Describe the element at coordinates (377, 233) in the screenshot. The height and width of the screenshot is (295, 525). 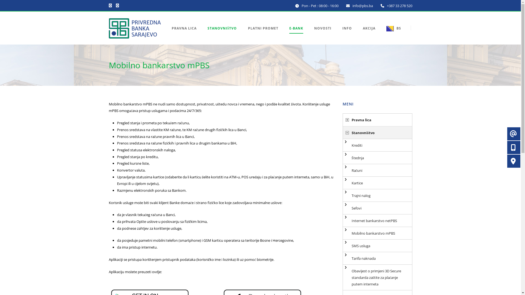
I see `'Mobilno bankarstvo mPBS'` at that location.